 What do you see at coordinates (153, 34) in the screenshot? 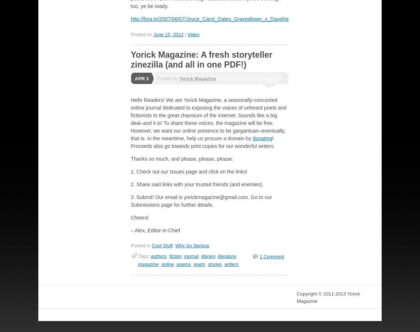
I see `'June 15, 2012'` at bounding box center [153, 34].